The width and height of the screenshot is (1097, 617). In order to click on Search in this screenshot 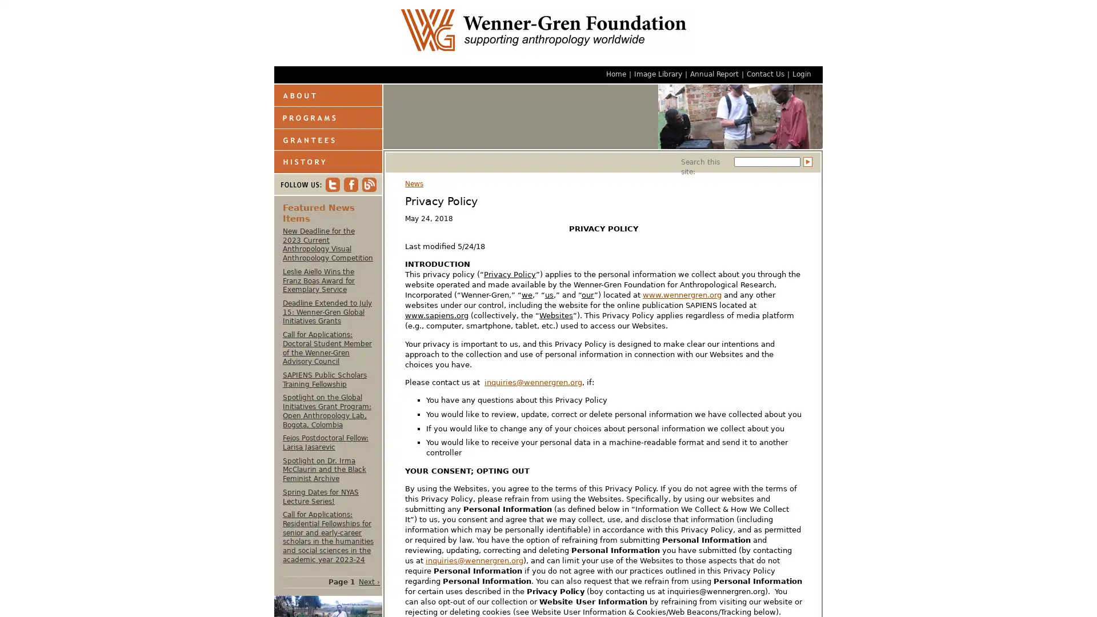, I will do `click(807, 162)`.